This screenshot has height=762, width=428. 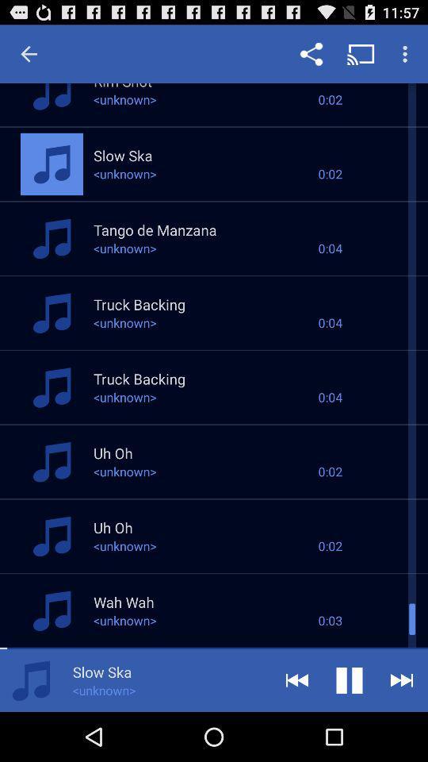 I want to click on the music icon, so click(x=31, y=728).